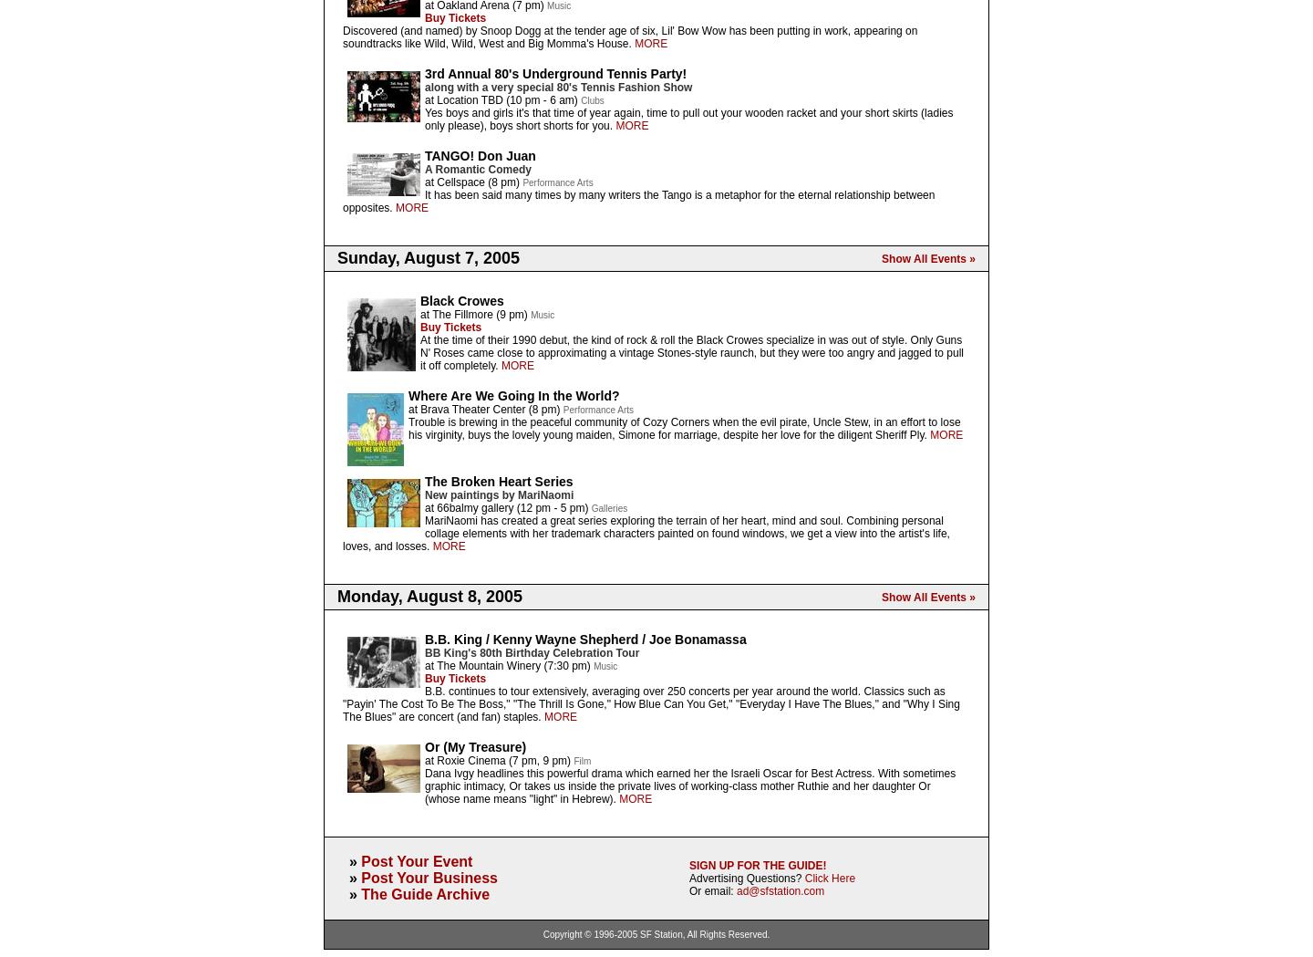 Image resolution: width=1313 pixels, height=957 pixels. Describe the element at coordinates (591, 99) in the screenshot. I see `'Clubs'` at that location.